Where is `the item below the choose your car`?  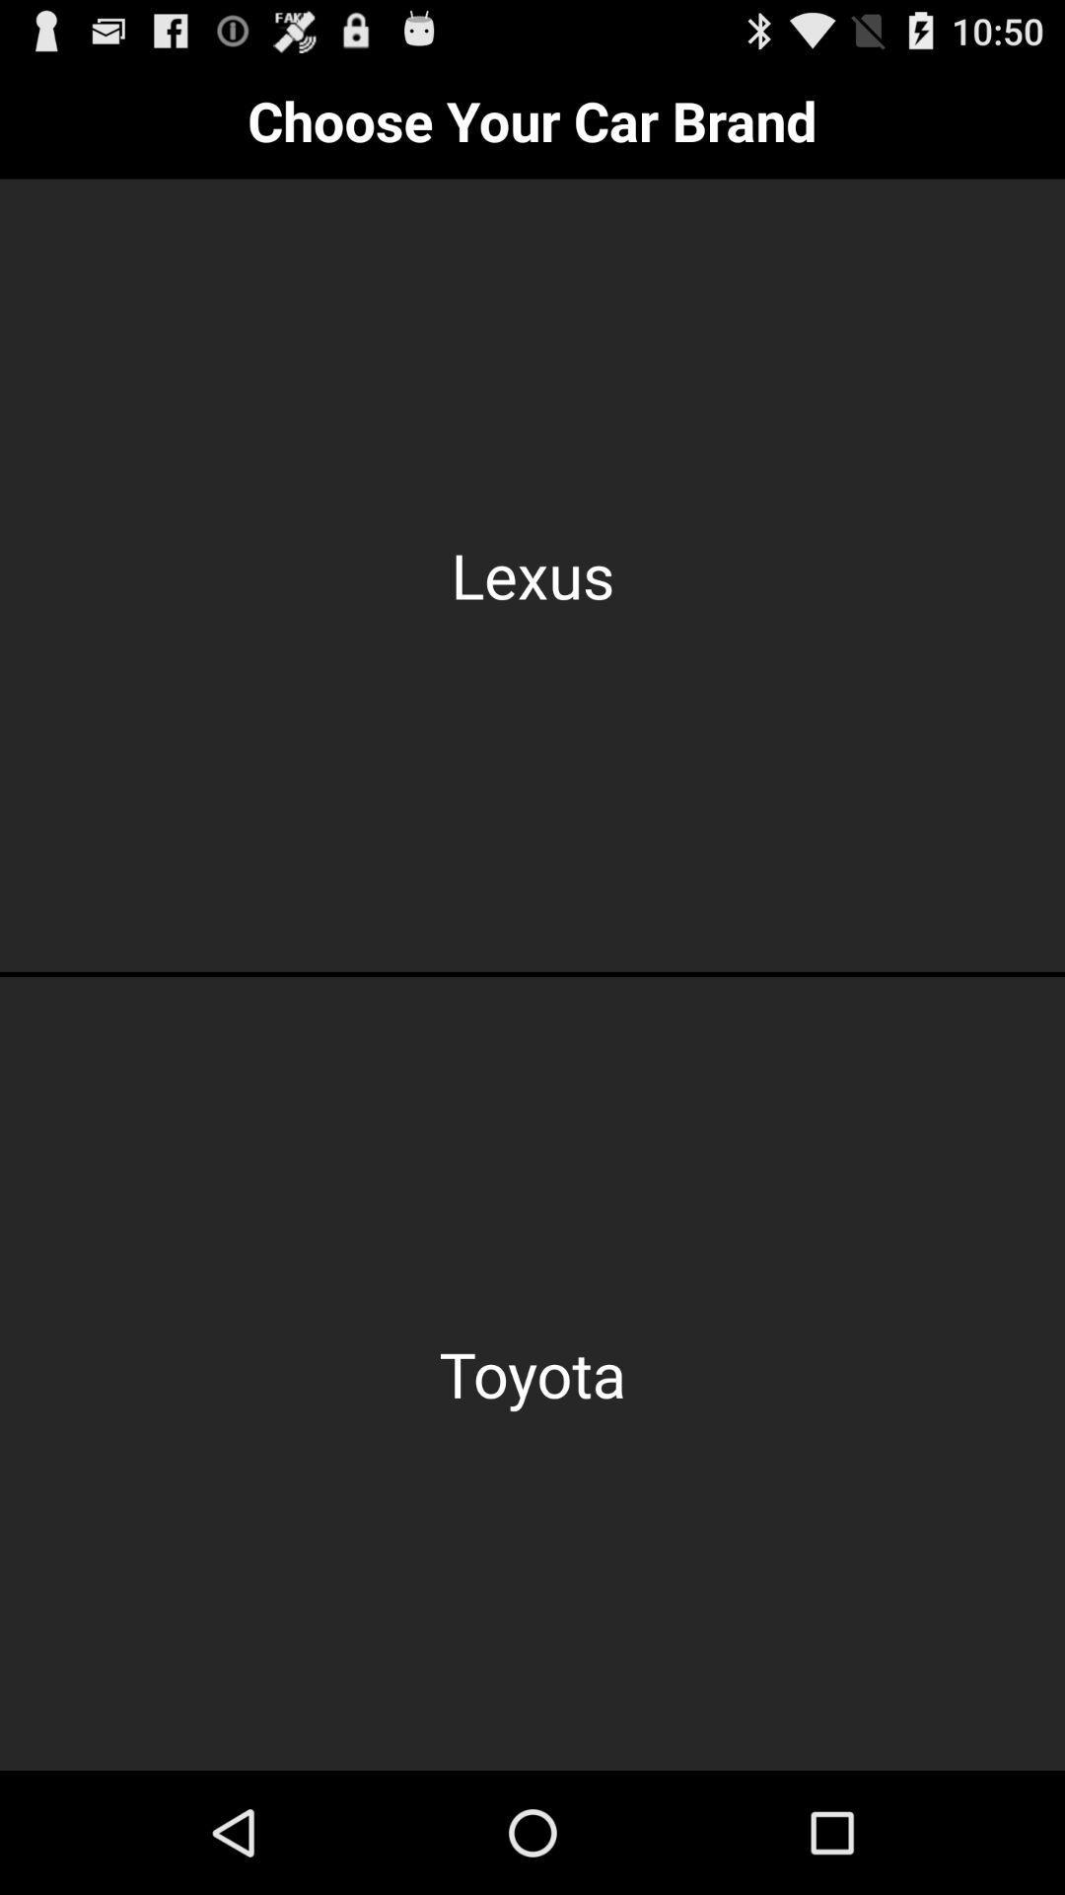
the item below the choose your car is located at coordinates (532, 574).